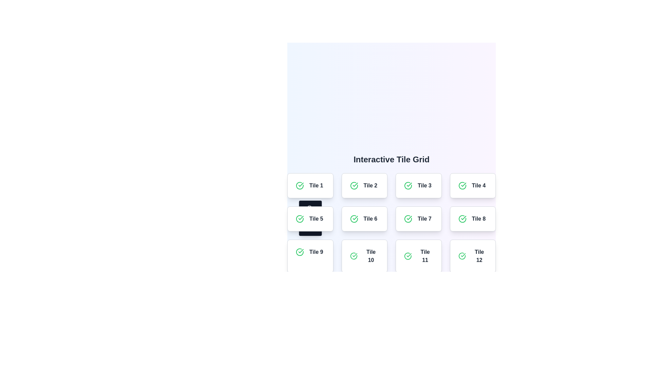  Describe the element at coordinates (310, 252) in the screenshot. I see `the tile located in the second column of the third row of the grid` at that location.